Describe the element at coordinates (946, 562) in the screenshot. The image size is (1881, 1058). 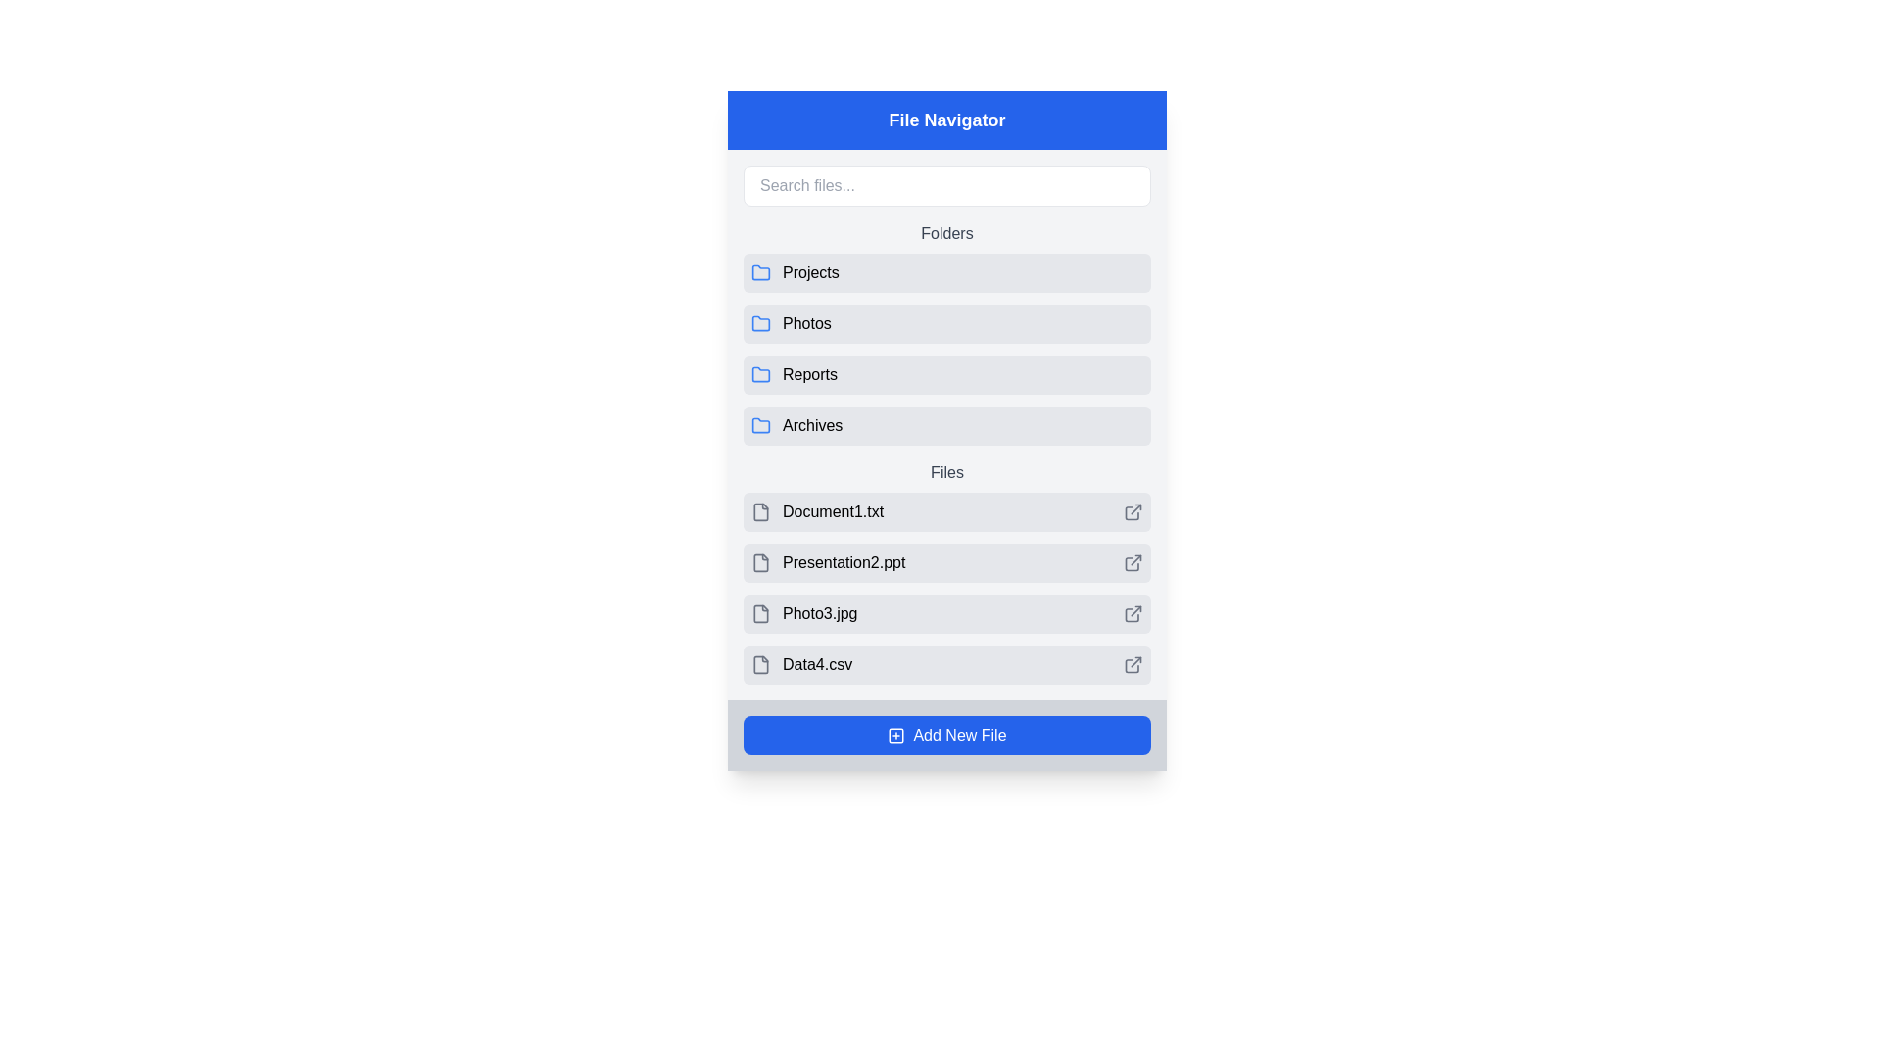
I see `the file entry labeled 'Presentation2.ppt', which is visually distinguished by a light gray background and rounded corners, and is positioned between 'Document1.txt' and 'Photo3.jpg'` at that location.